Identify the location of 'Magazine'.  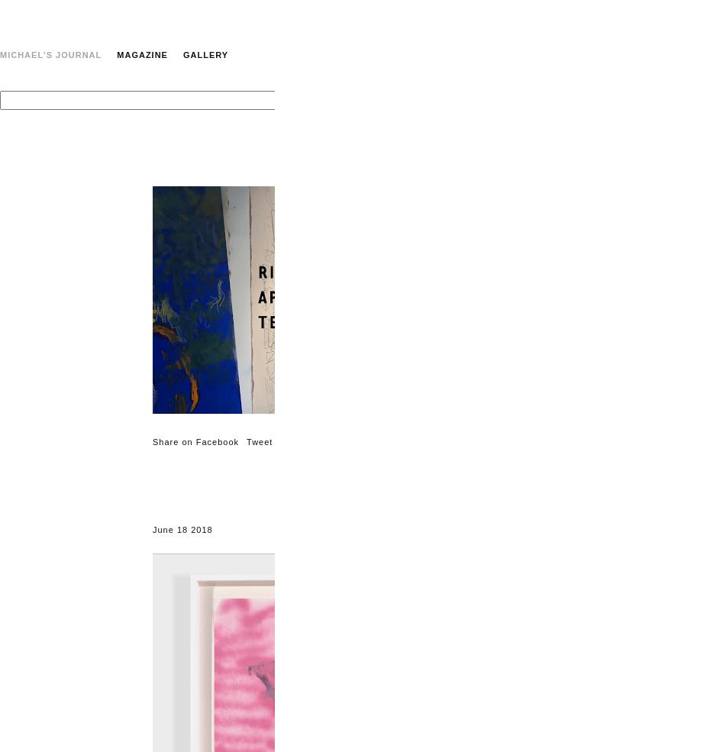
(141, 54).